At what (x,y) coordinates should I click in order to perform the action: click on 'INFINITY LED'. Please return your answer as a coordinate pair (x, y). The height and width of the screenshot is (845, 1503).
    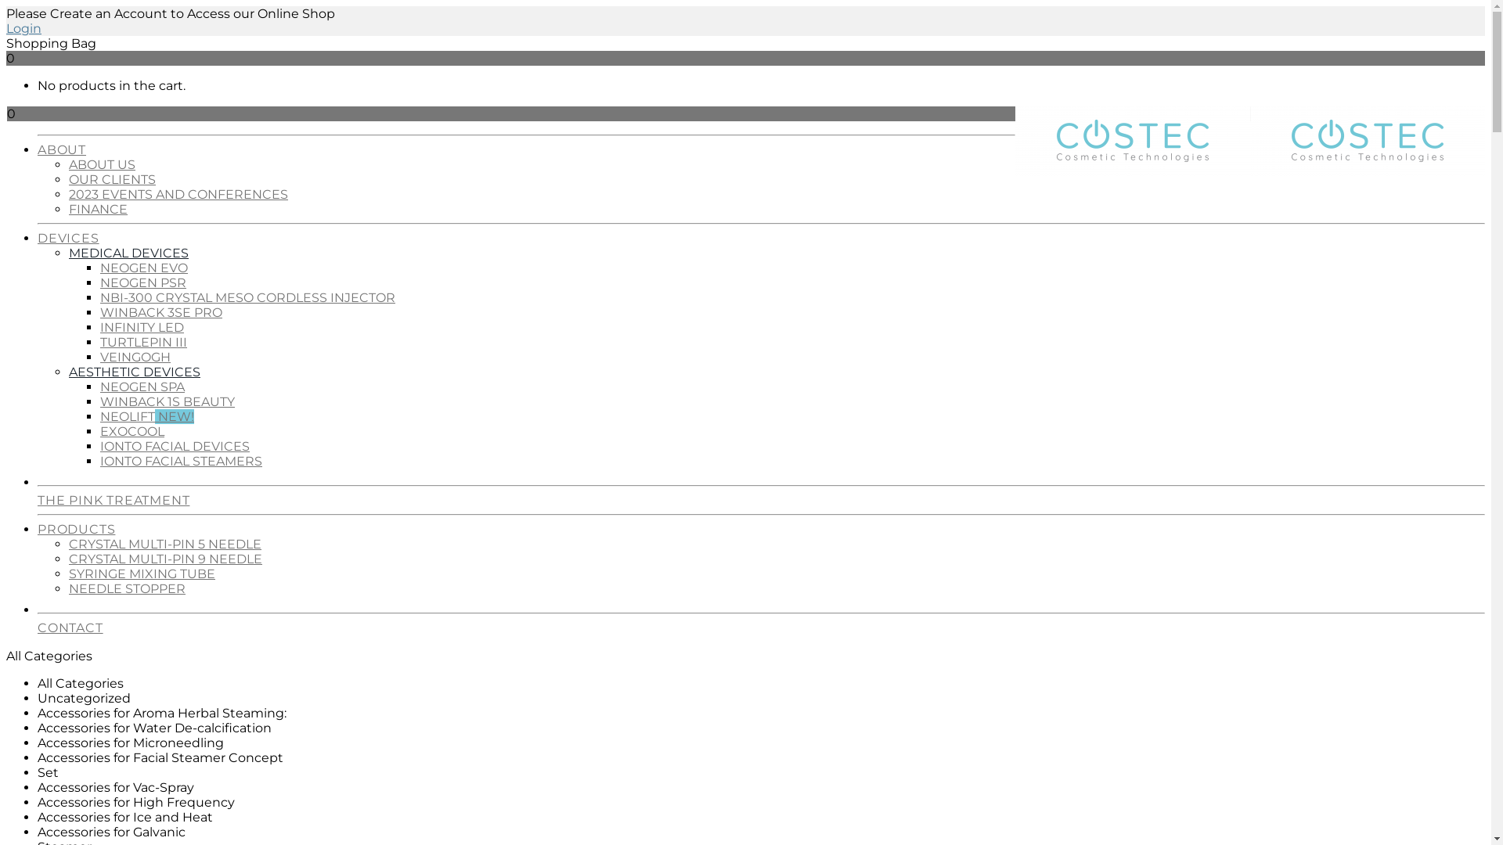
    Looking at the image, I should click on (142, 326).